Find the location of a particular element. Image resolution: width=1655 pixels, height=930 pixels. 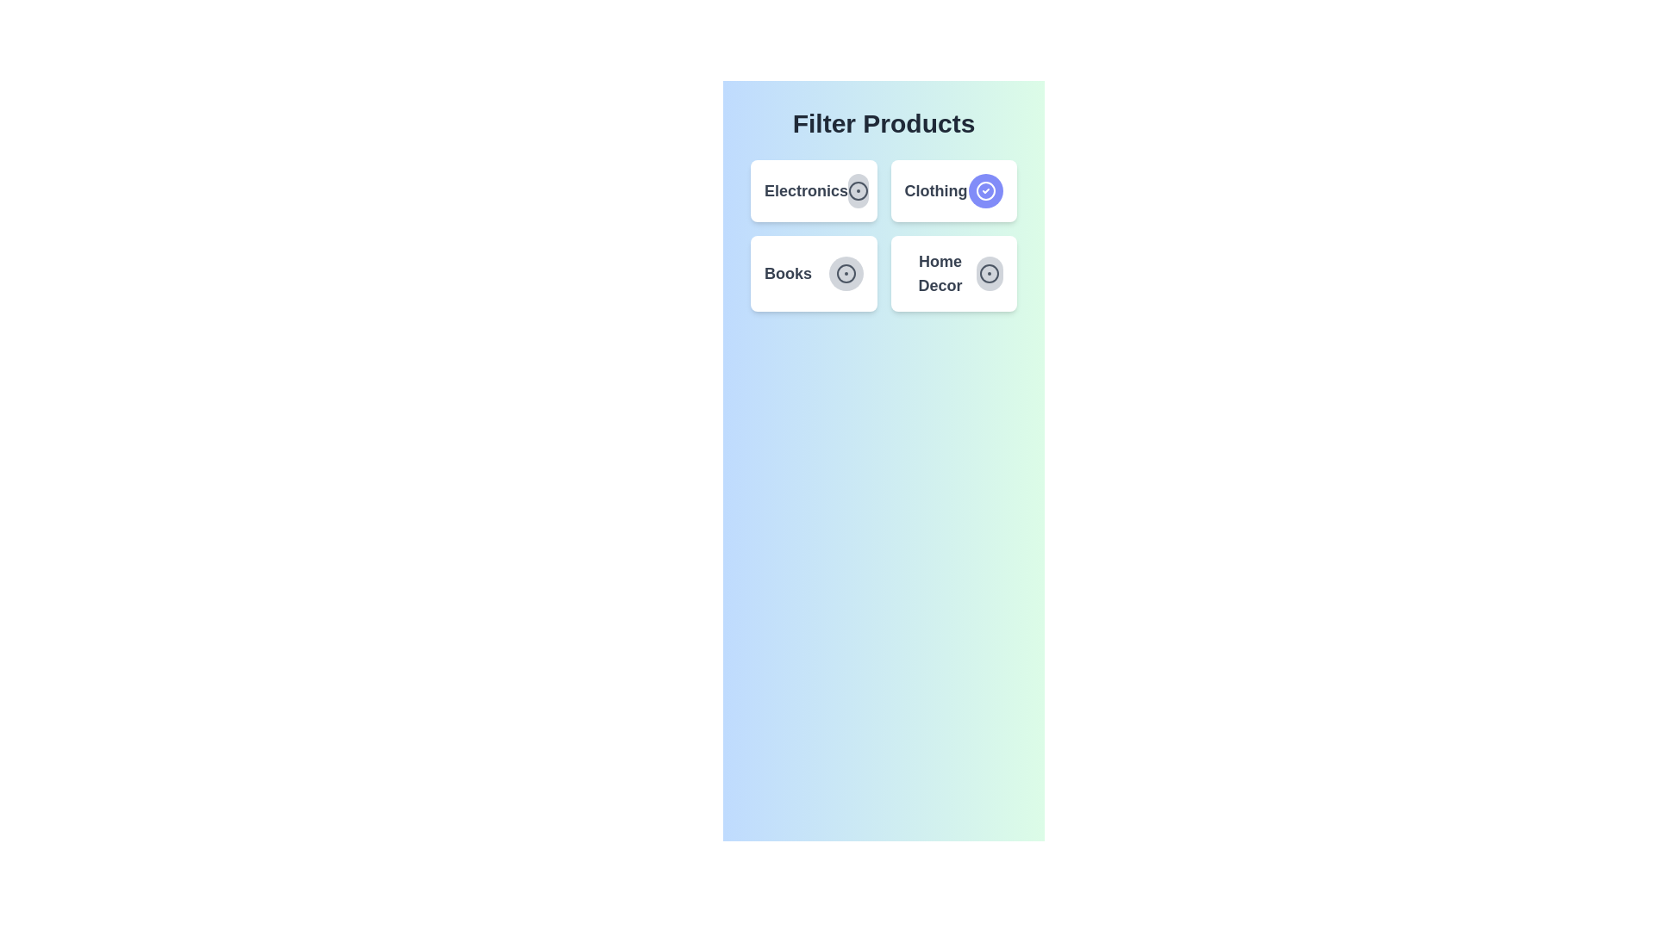

the category card labeled 'Electronics' to observe the hover effect is located at coordinates (813, 191).